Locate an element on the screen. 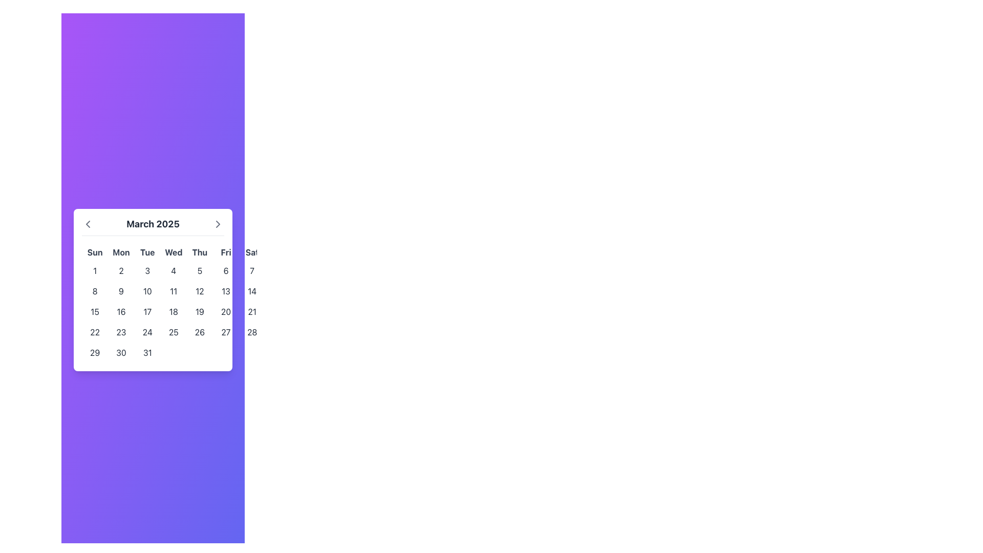 The image size is (983, 553). the clickable date entry for March 19 in the calendar view is located at coordinates (200, 311).